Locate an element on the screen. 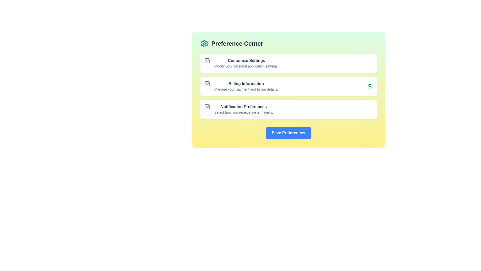 The height and width of the screenshot is (271, 481). contents of the 'Billing Information' text block with a descriptive icon, which labels and describes the purpose of managing payment and billing information is located at coordinates (241, 86).